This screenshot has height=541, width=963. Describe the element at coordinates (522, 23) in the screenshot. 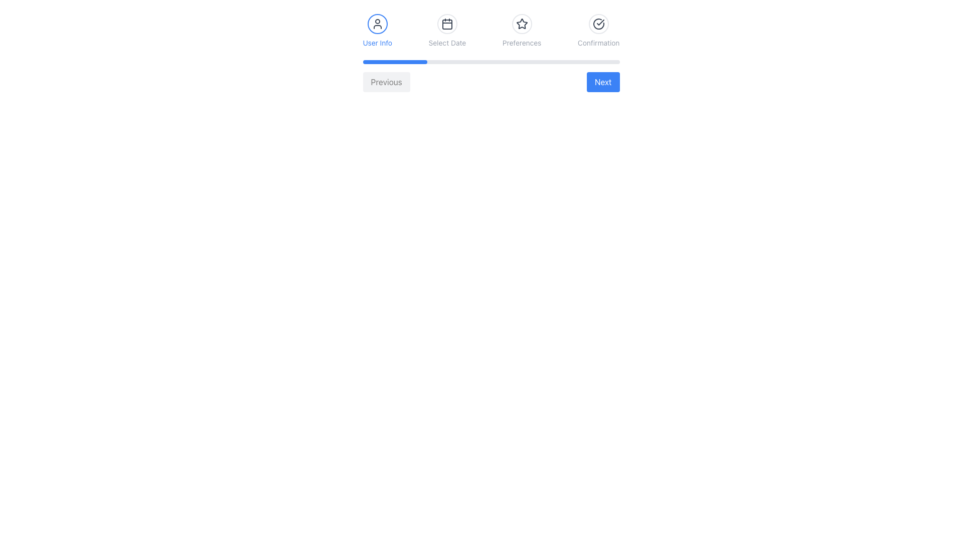

I see `the star icon labeled 'Preferences' in the top navigation bar` at that location.